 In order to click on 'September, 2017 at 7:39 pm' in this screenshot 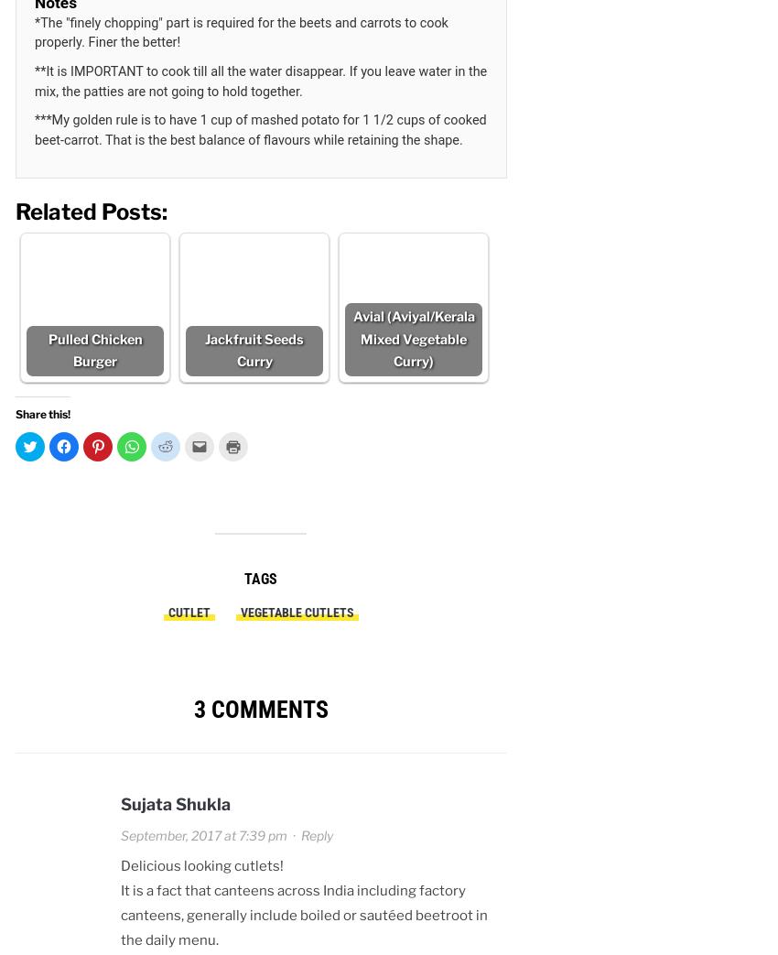, I will do `click(204, 833)`.